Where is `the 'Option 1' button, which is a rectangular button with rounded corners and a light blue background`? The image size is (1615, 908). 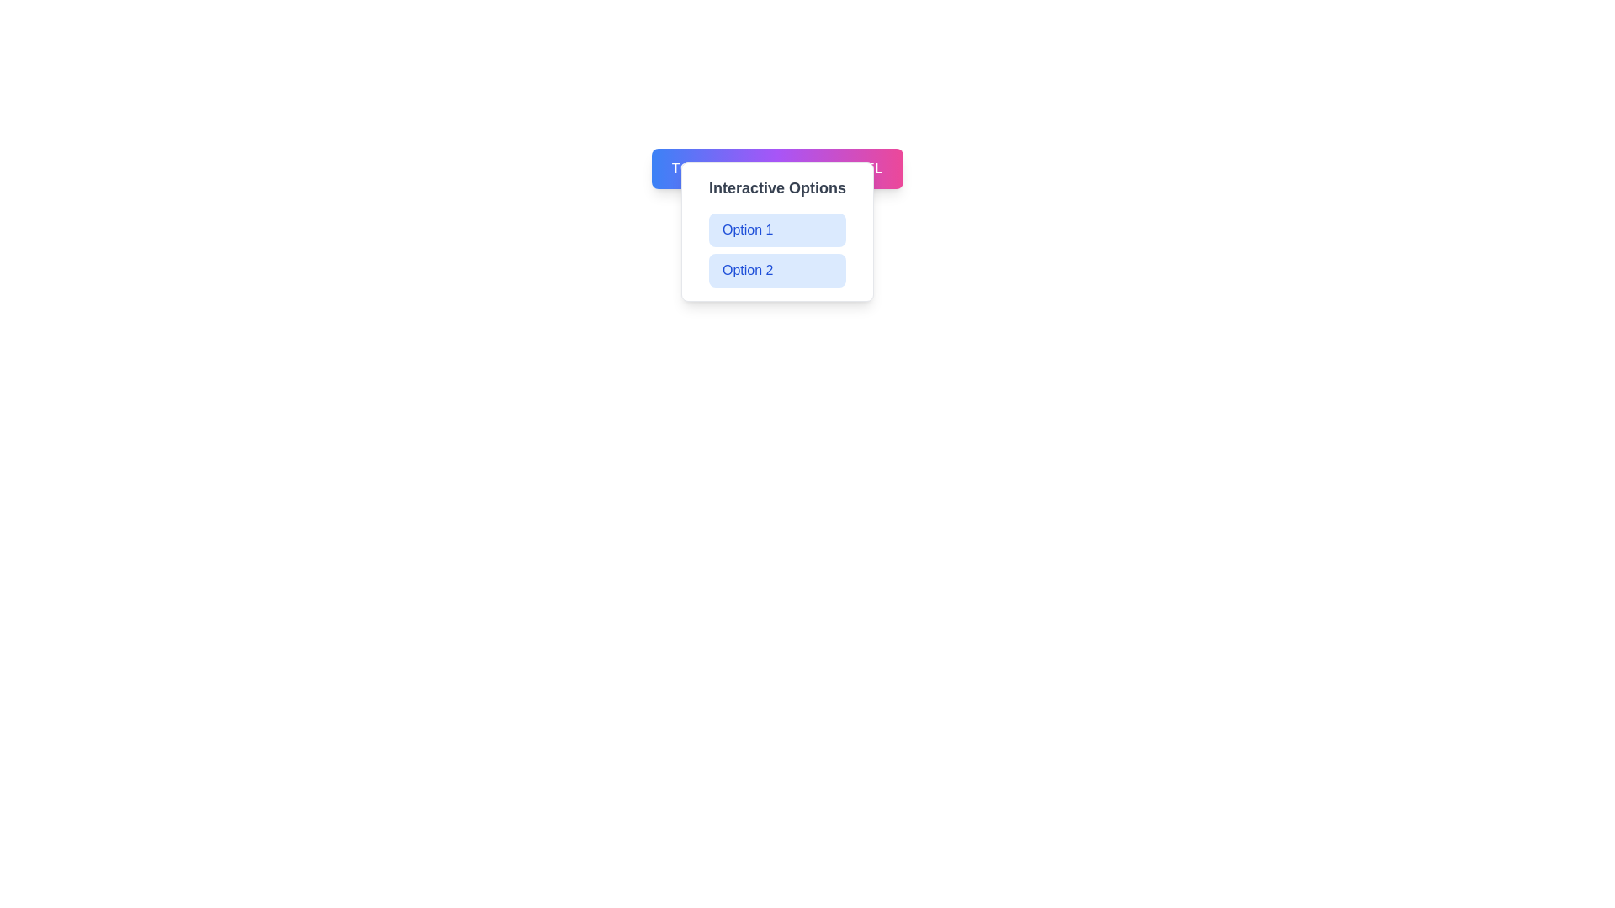 the 'Option 1' button, which is a rectangular button with rounded corners and a light blue background is located at coordinates (776, 230).